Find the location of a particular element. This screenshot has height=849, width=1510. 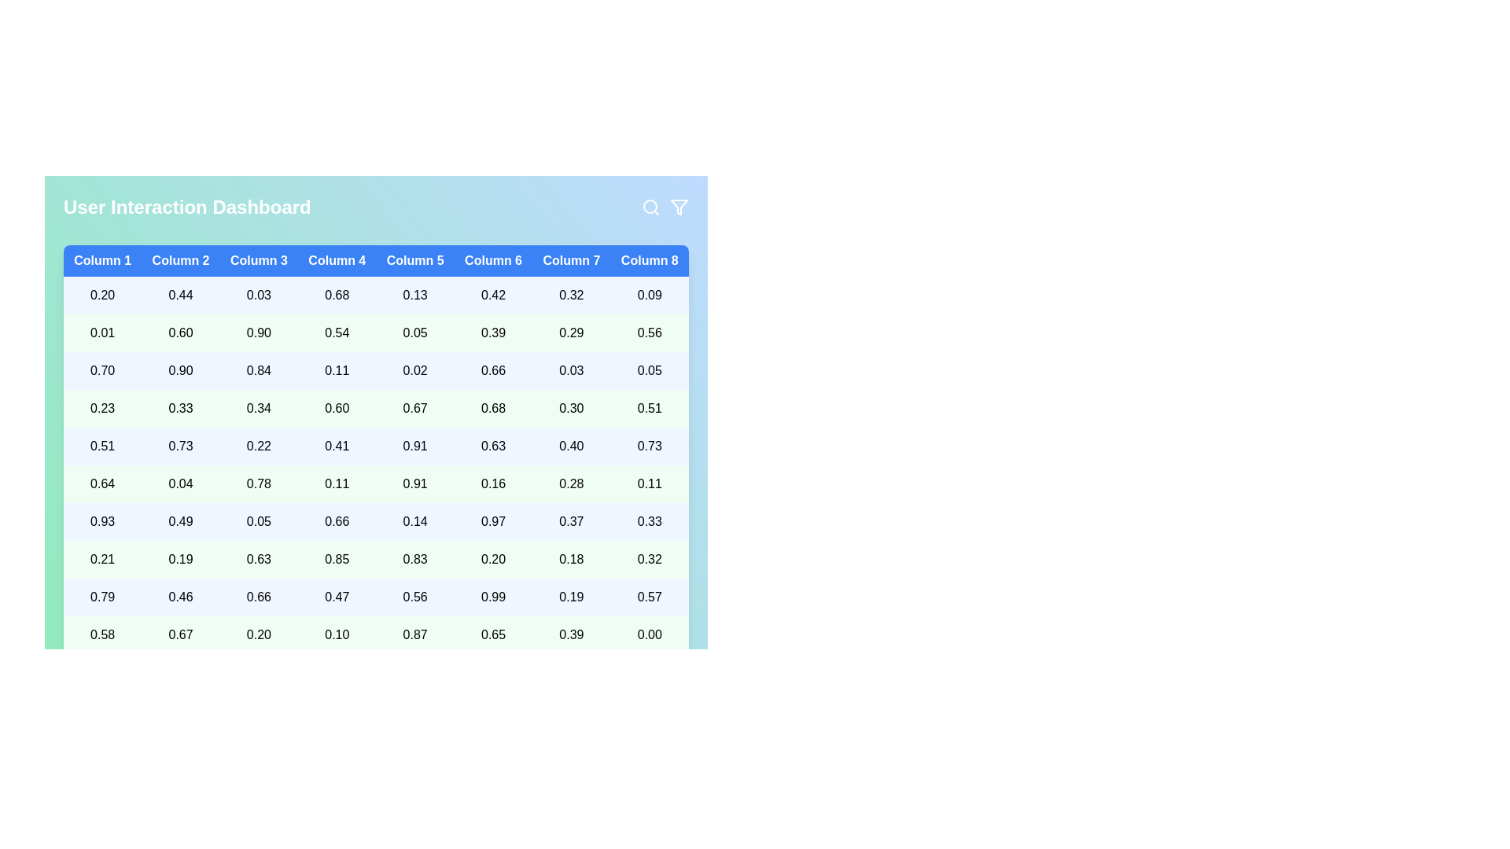

the filter icon to open filtering options is located at coordinates (679, 206).